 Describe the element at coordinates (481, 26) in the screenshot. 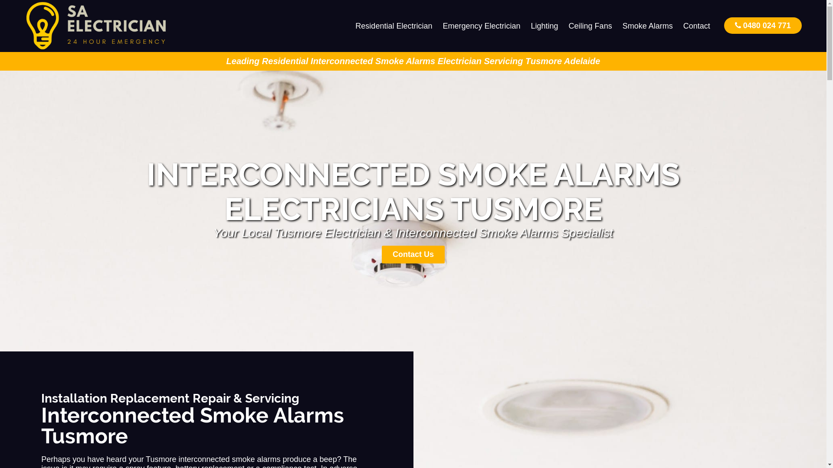

I see `'Emergency Electrician'` at that location.